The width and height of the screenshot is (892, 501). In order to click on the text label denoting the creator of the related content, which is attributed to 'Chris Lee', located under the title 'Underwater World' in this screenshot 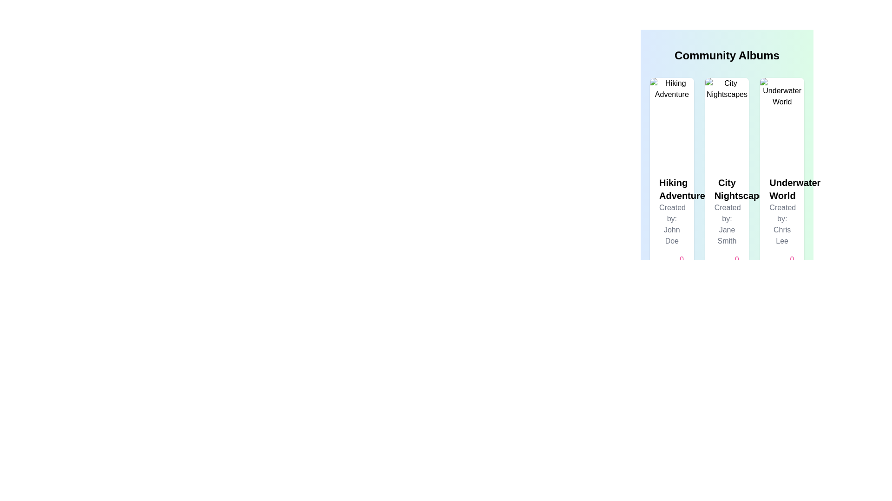, I will do `click(781, 224)`.